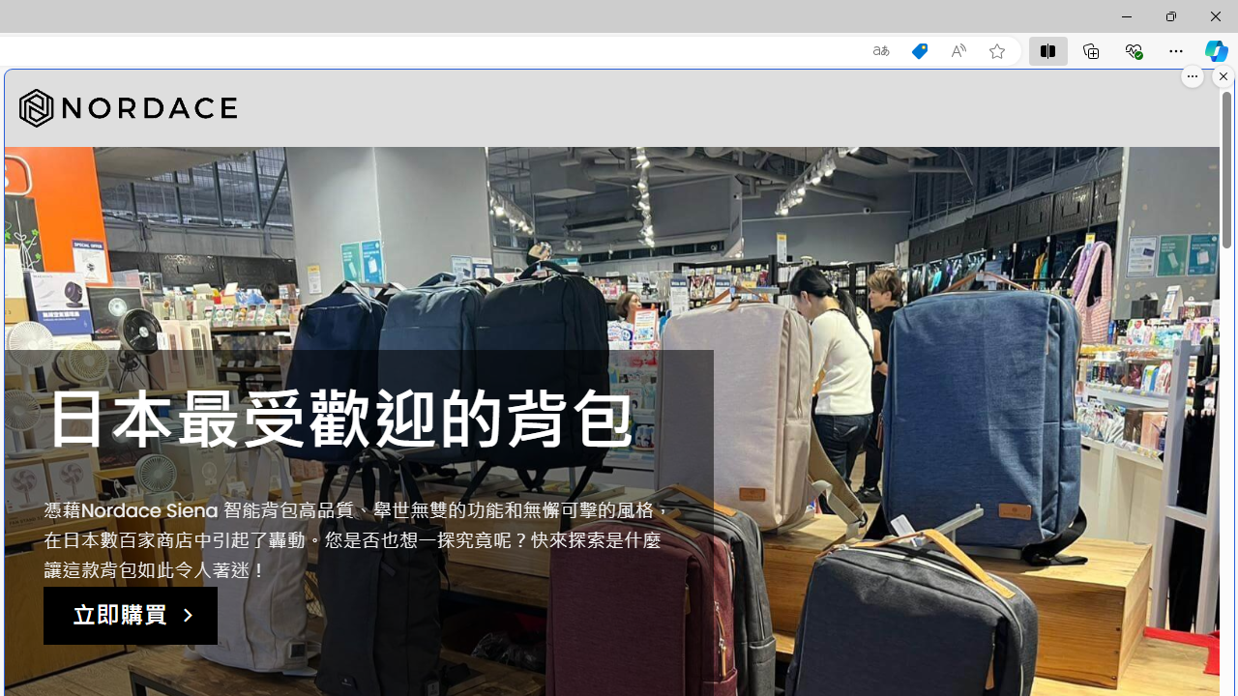 The height and width of the screenshot is (696, 1238). Describe the element at coordinates (919, 50) in the screenshot. I see `'This site has coupons! Shopping in Microsoft Edge'` at that location.